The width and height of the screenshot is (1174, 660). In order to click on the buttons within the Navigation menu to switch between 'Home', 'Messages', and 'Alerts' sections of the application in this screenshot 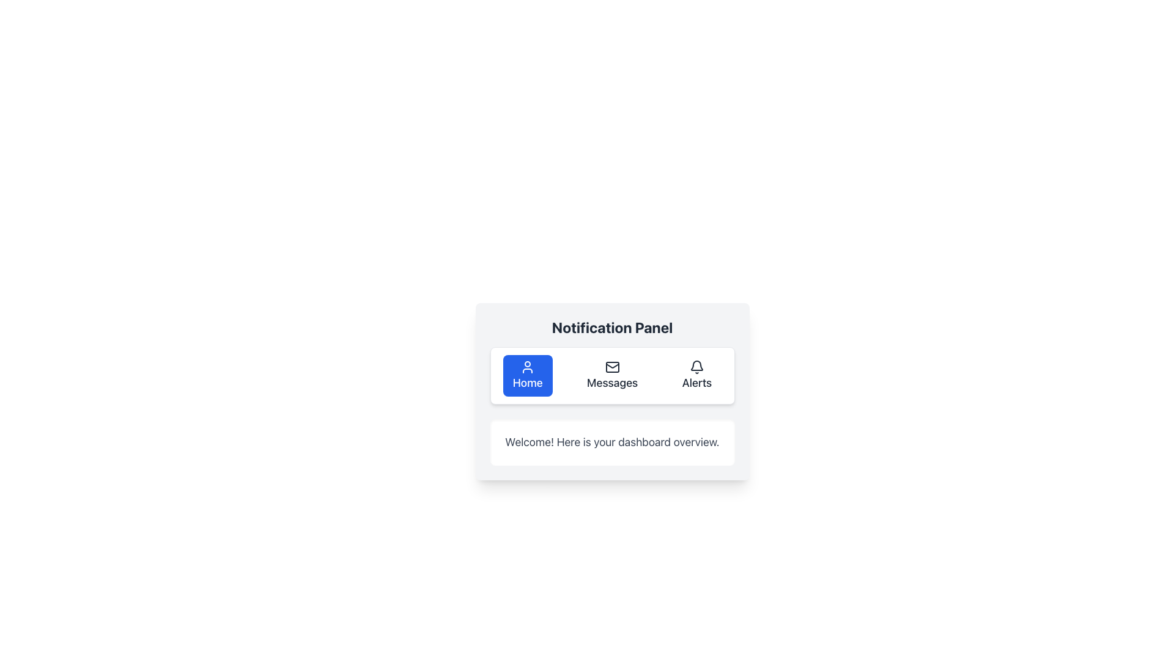, I will do `click(612, 375)`.